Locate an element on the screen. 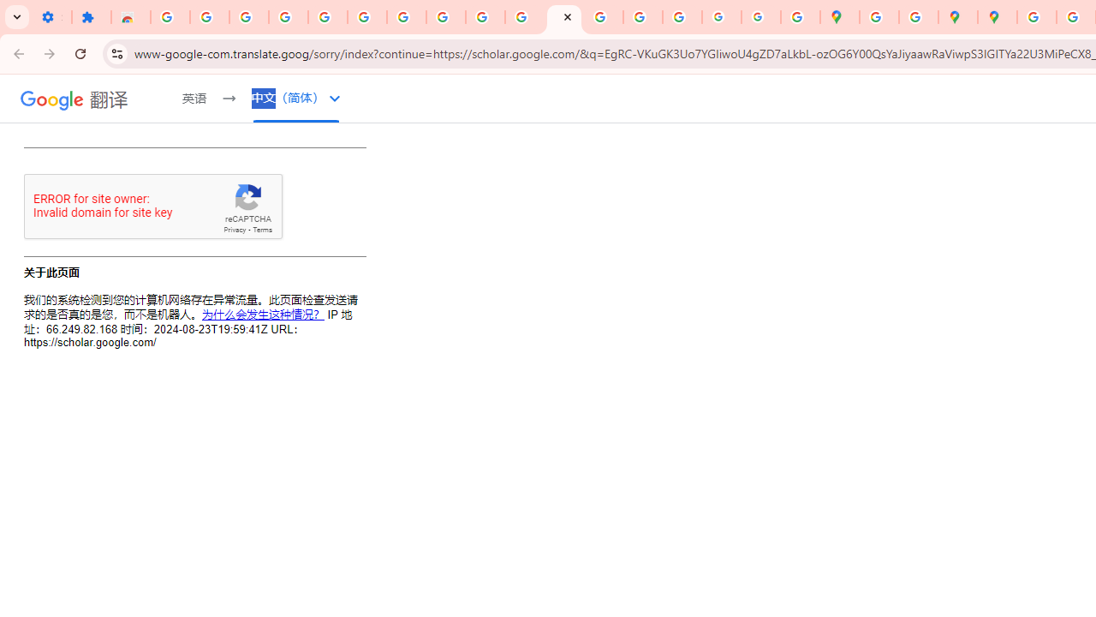  'Settings - On startup' is located at coordinates (51, 17).